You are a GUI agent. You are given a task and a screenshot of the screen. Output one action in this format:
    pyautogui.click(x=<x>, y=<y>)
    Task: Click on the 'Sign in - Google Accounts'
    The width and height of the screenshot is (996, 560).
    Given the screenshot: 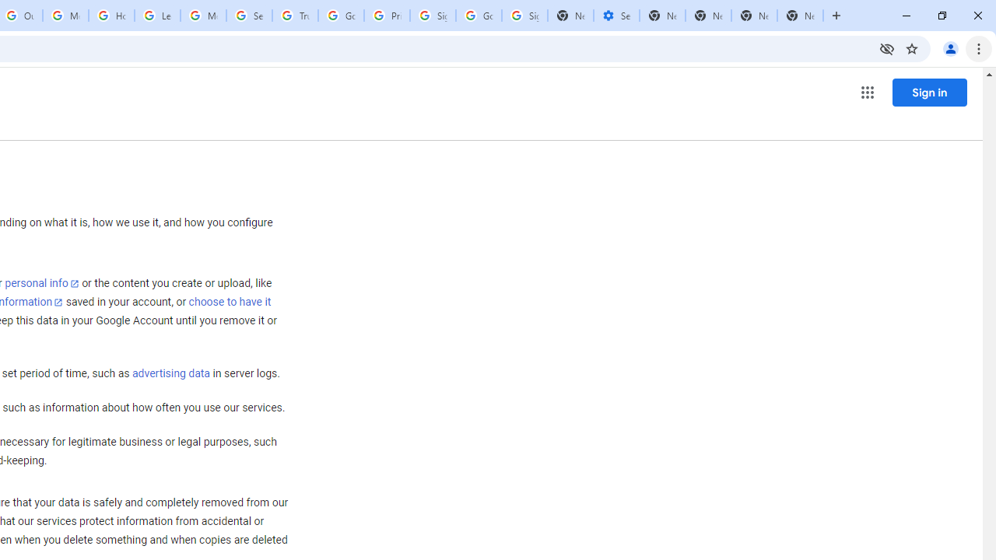 What is the action you would take?
    pyautogui.click(x=433, y=16)
    